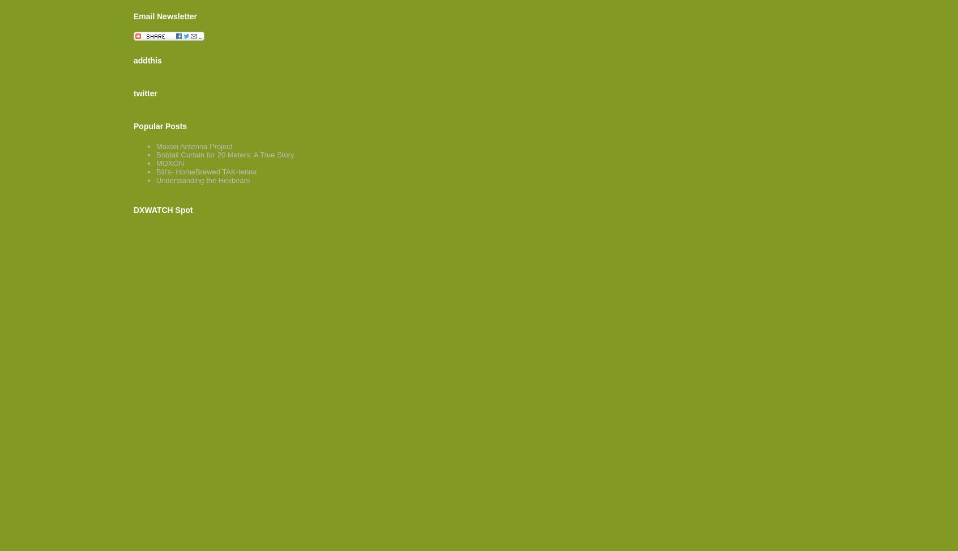 This screenshot has width=958, height=551. Describe the element at coordinates (225, 154) in the screenshot. I see `'Bobtail Curtain for 20 Meters:  A True Story'` at that location.